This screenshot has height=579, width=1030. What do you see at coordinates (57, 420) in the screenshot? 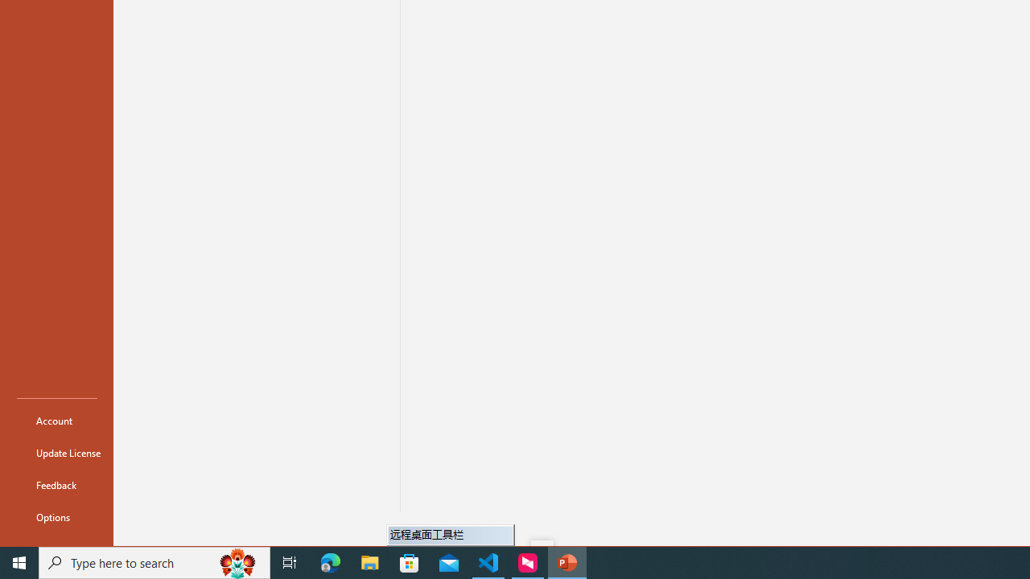
I see `'Account'` at bounding box center [57, 420].